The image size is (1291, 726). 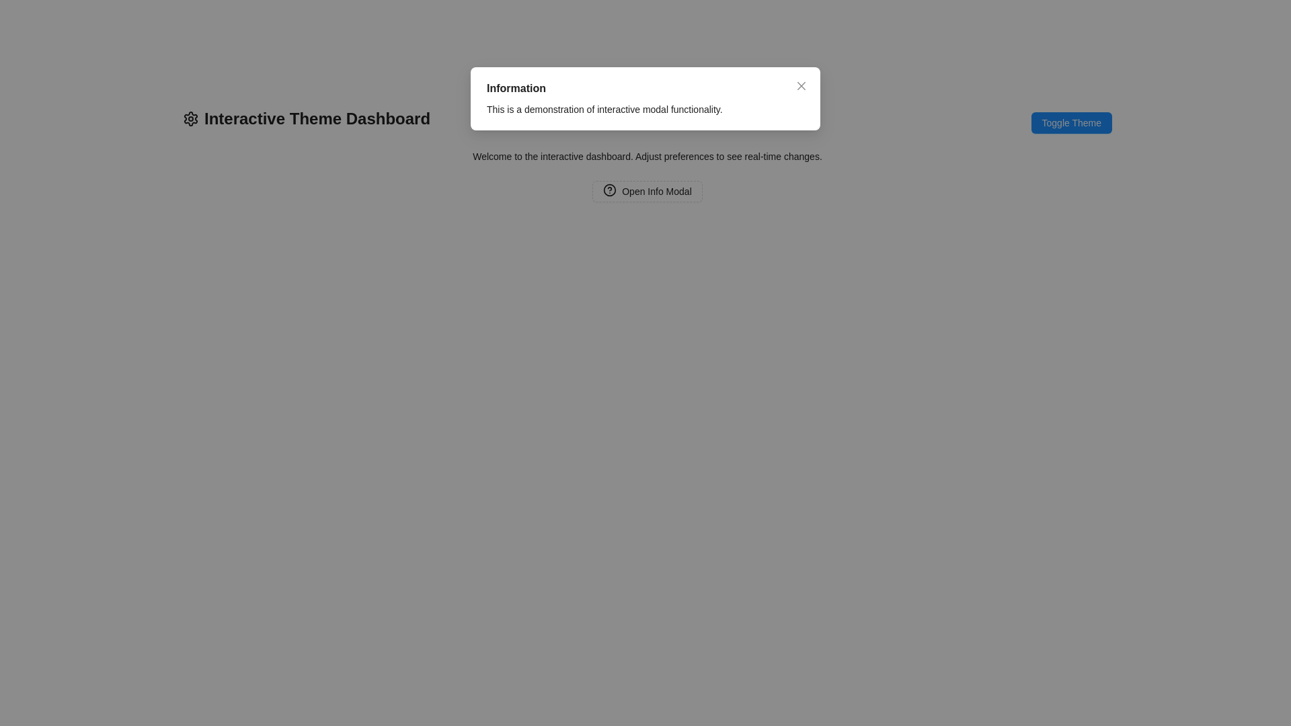 What do you see at coordinates (306, 118) in the screenshot?
I see `the Header text with an accompanying icon, which serves as the title or header for the dashboard and is located in the top-left corner of the interface` at bounding box center [306, 118].